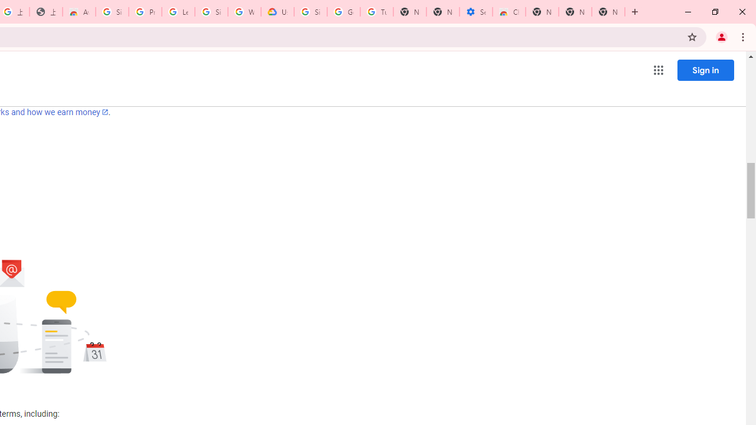  What do you see at coordinates (714, 12) in the screenshot?
I see `'Restore'` at bounding box center [714, 12].